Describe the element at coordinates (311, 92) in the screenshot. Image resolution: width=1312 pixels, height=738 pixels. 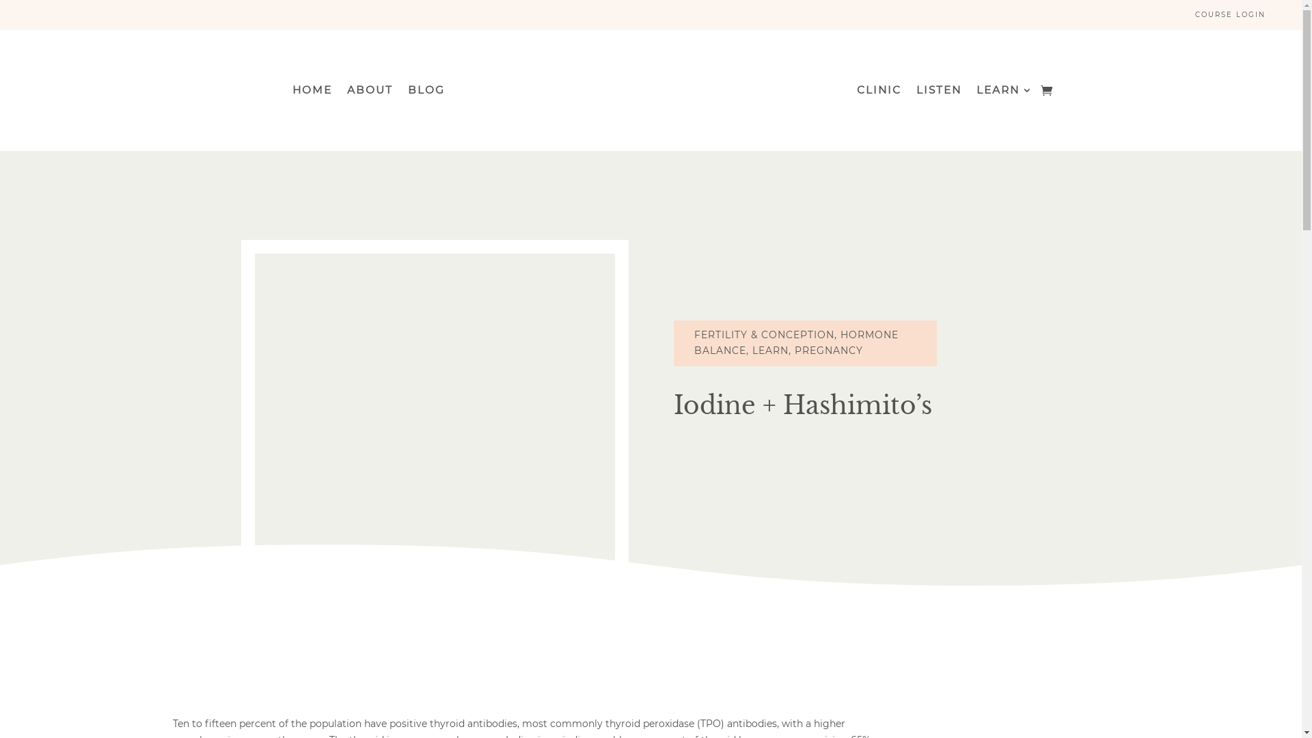
I see `'HOME'` at that location.